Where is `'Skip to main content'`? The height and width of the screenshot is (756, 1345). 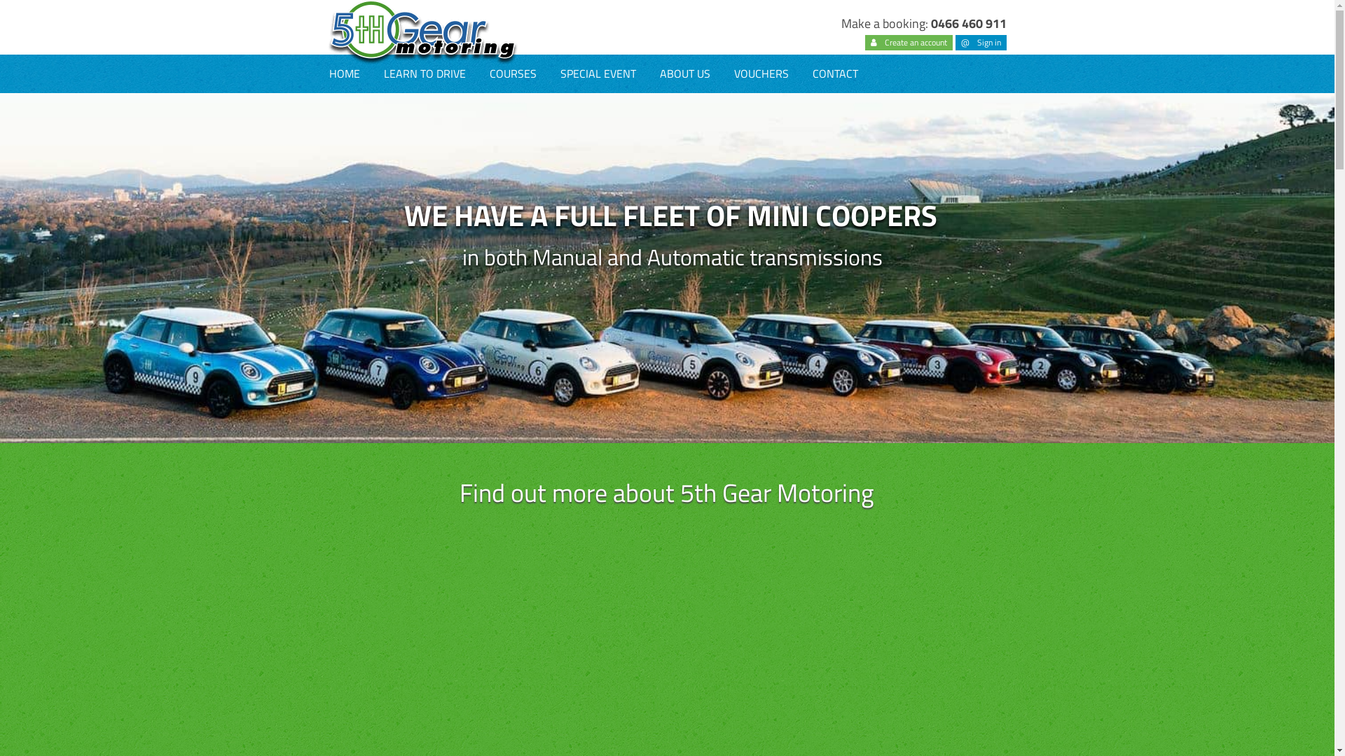 'Skip to main content' is located at coordinates (50, 0).